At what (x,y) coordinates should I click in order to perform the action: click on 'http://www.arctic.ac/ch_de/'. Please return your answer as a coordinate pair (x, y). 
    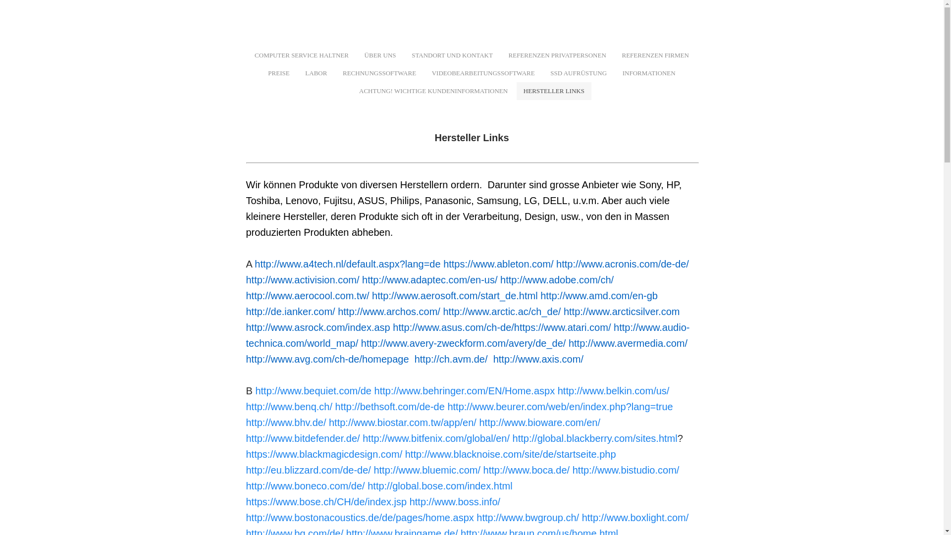
    Looking at the image, I should click on (501, 311).